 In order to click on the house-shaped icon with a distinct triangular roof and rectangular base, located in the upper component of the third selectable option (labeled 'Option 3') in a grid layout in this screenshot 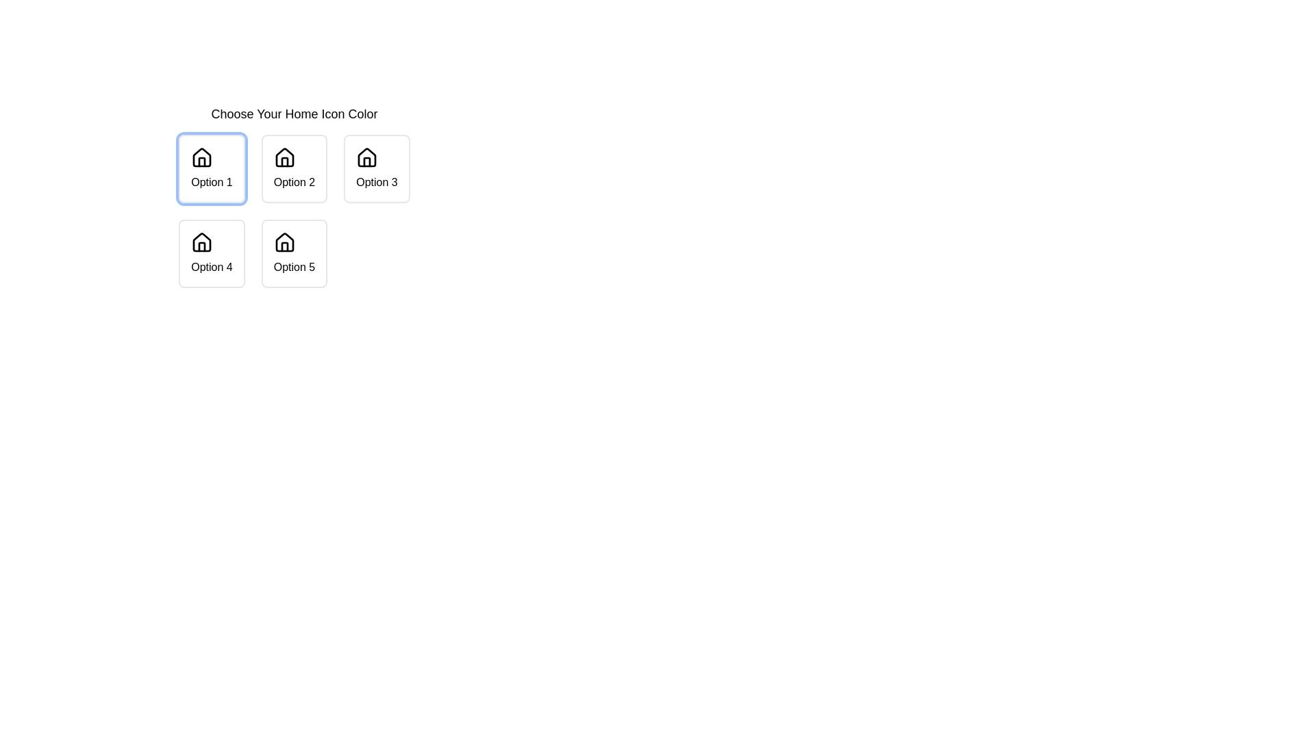, I will do `click(367, 157)`.